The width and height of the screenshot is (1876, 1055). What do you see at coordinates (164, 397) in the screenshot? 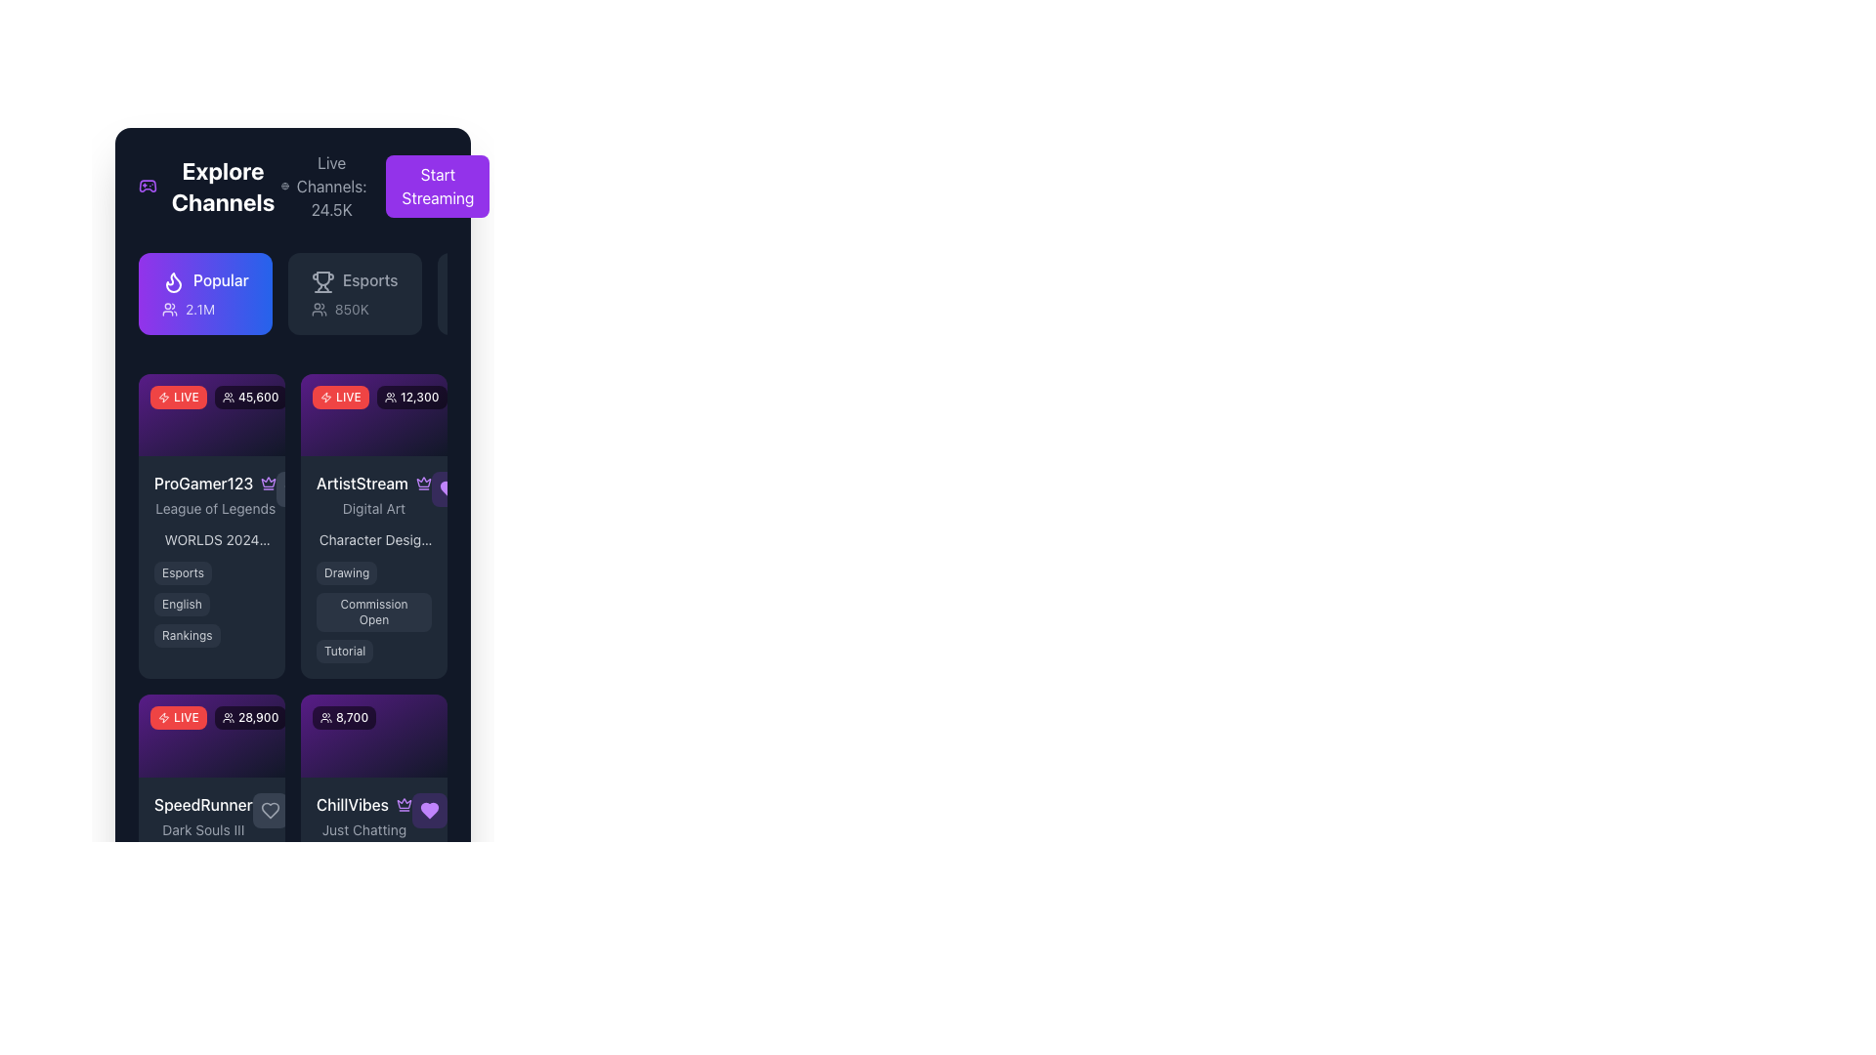
I see `the decorative icon located in the top section of the interface, next to the purple 'Popular' section` at bounding box center [164, 397].